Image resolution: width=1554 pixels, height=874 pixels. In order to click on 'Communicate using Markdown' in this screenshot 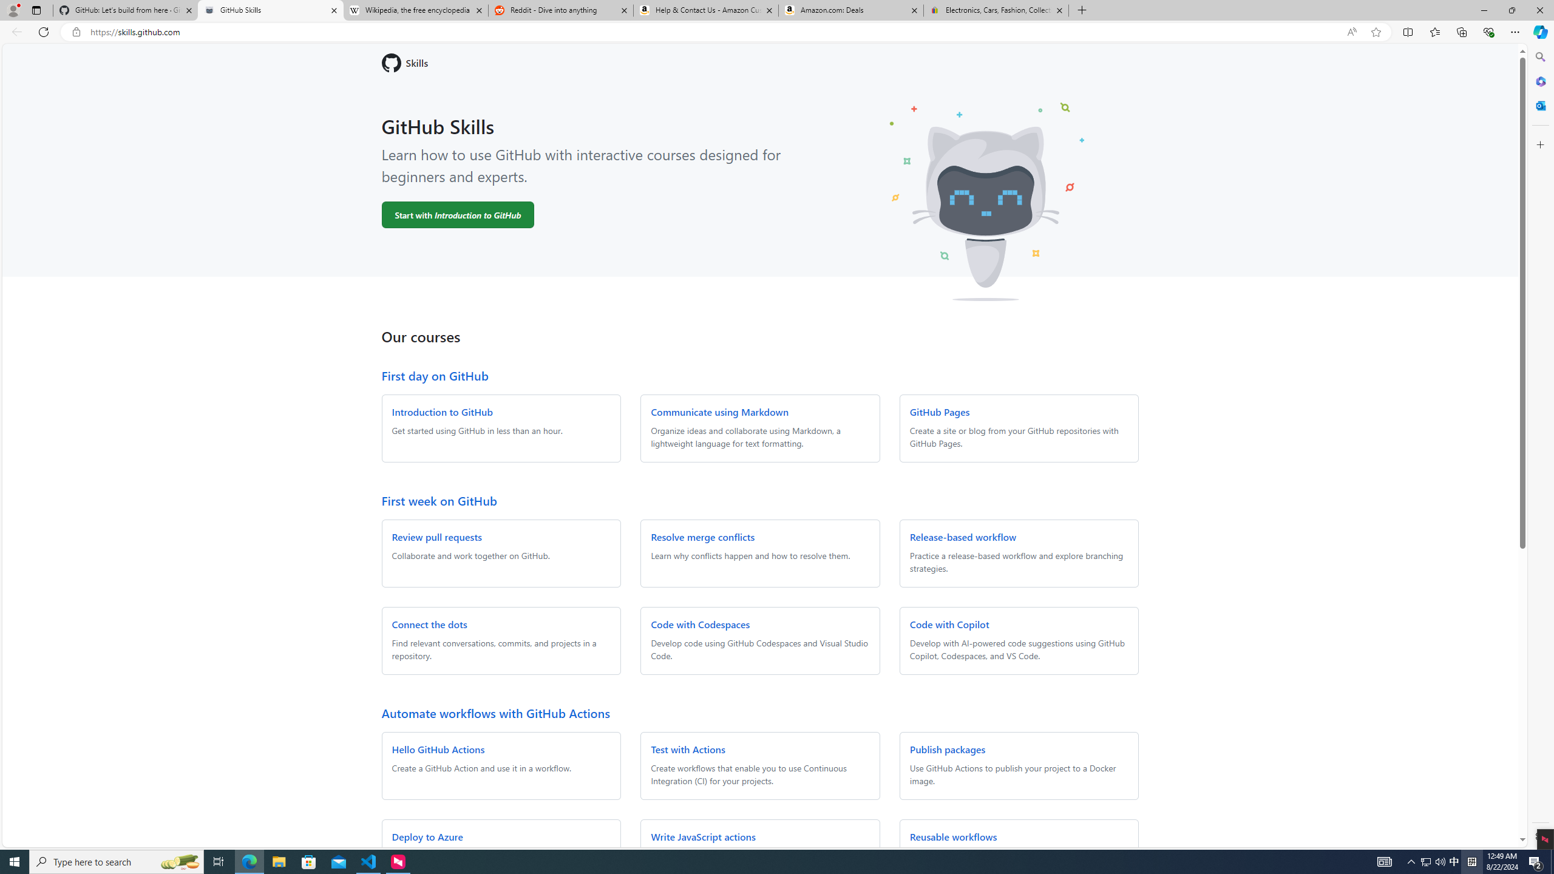, I will do `click(719, 411)`.